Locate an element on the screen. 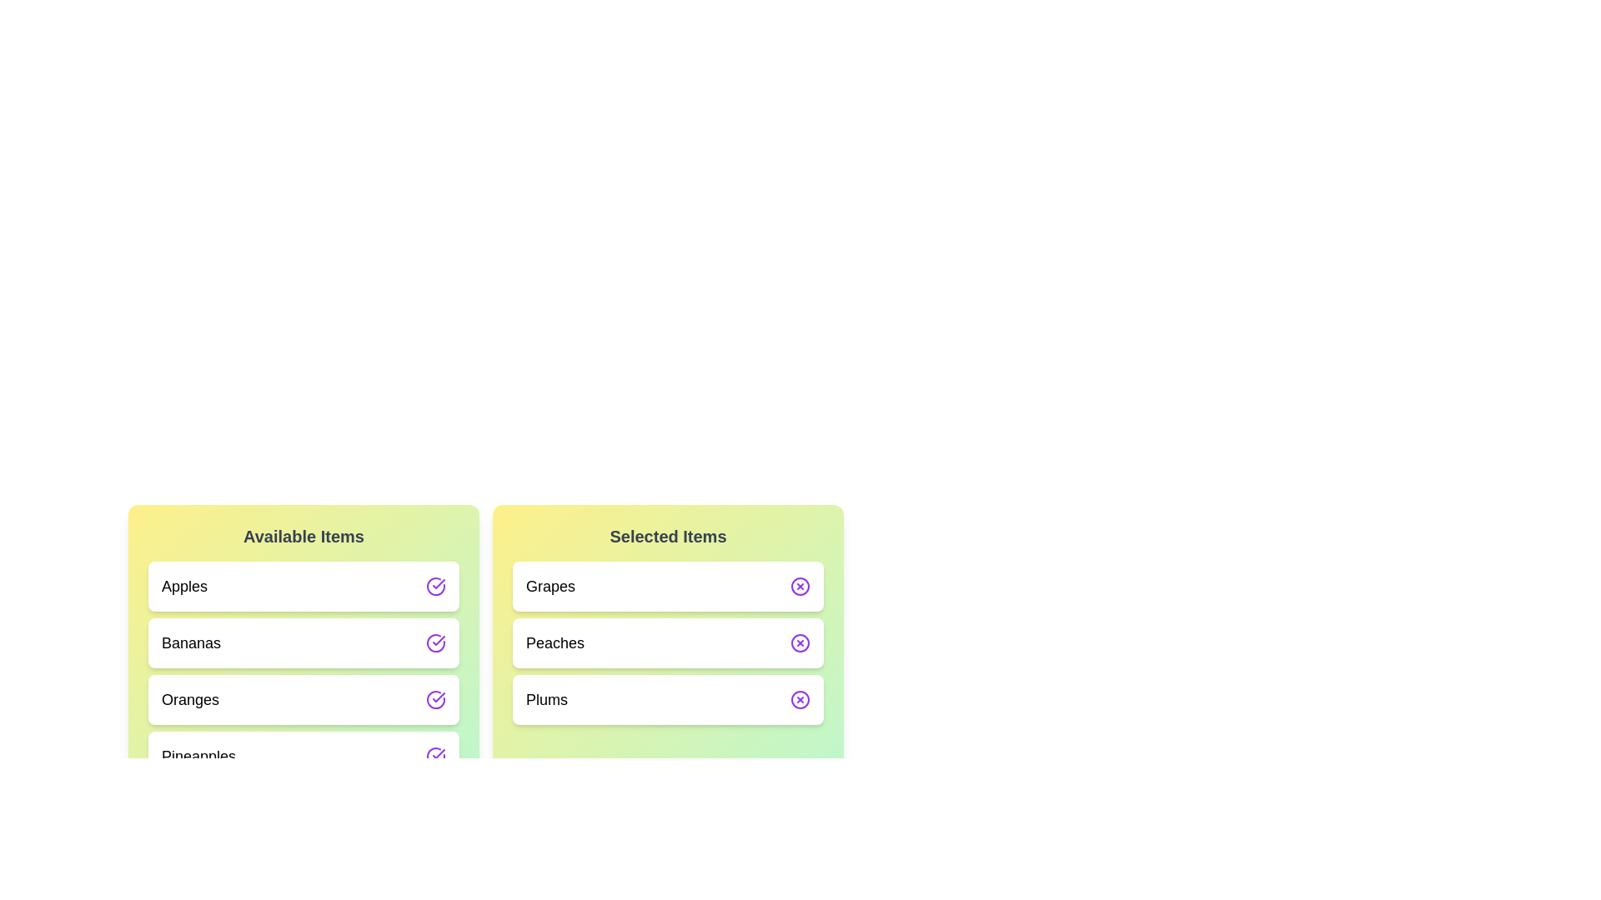  the transfer button next to Bananas in the 'Available Items' list to move it to the 'Selected Items' list is located at coordinates (436, 642).